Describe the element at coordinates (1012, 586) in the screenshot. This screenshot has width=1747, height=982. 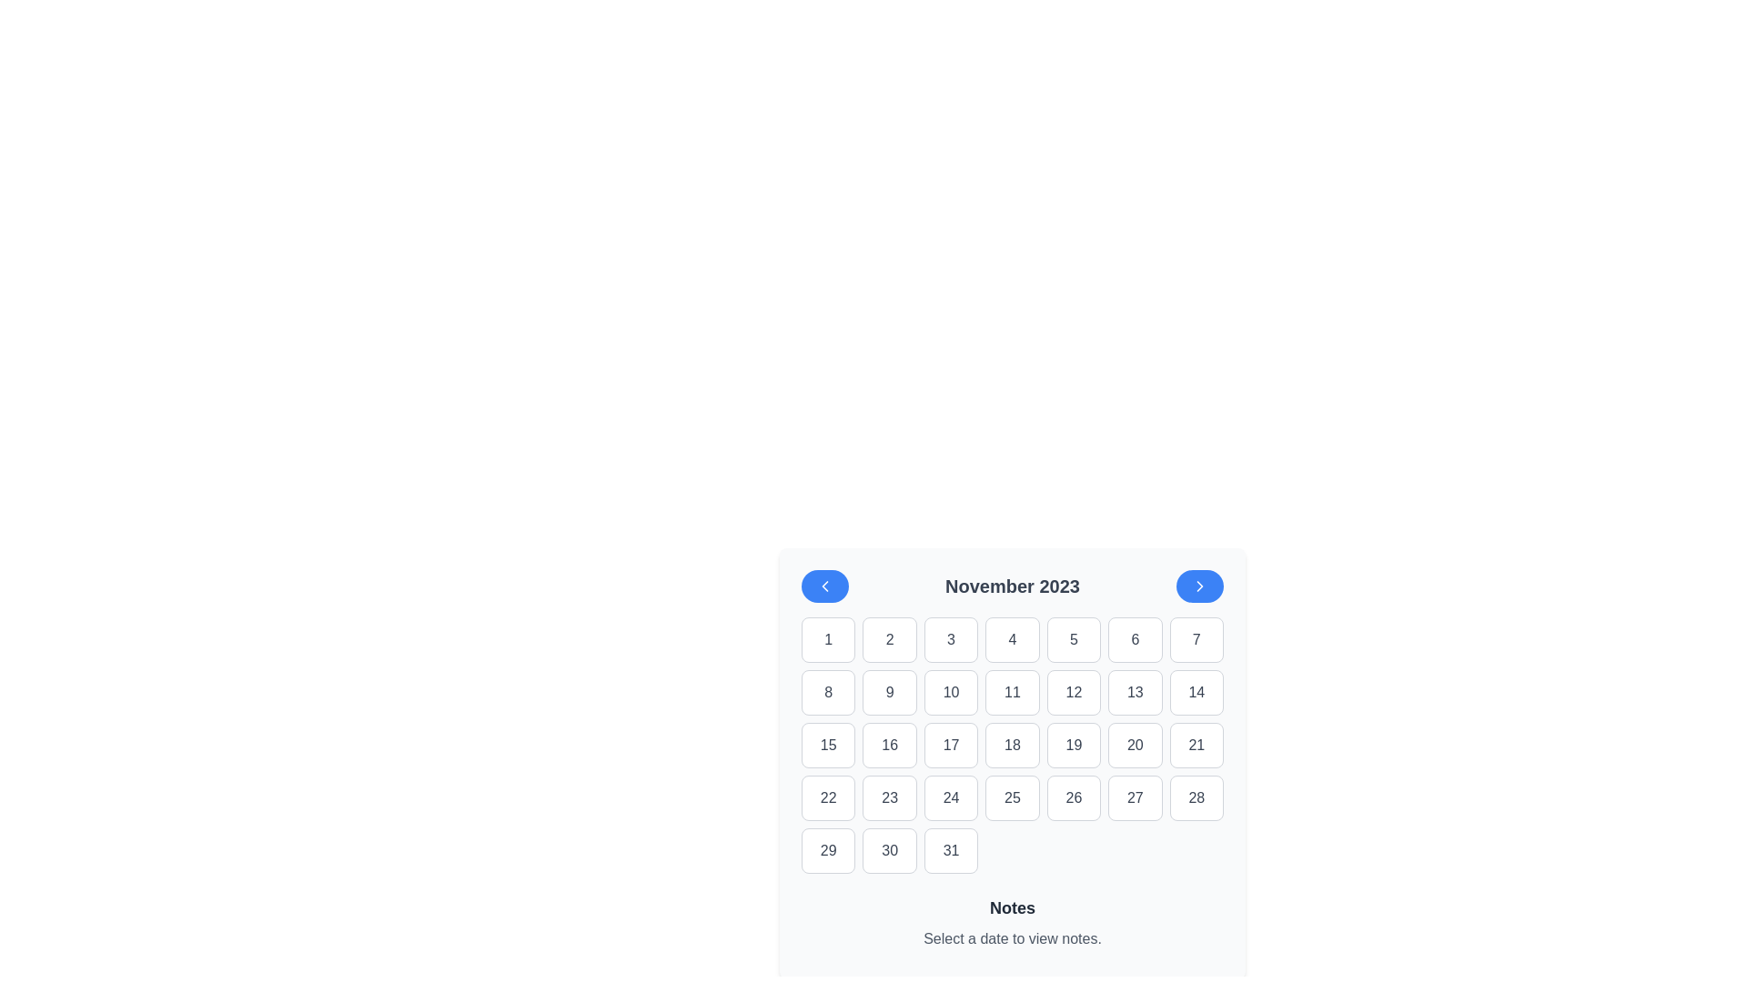
I see `text content of the Label that indicates the currently selected month and year for the calendar` at that location.